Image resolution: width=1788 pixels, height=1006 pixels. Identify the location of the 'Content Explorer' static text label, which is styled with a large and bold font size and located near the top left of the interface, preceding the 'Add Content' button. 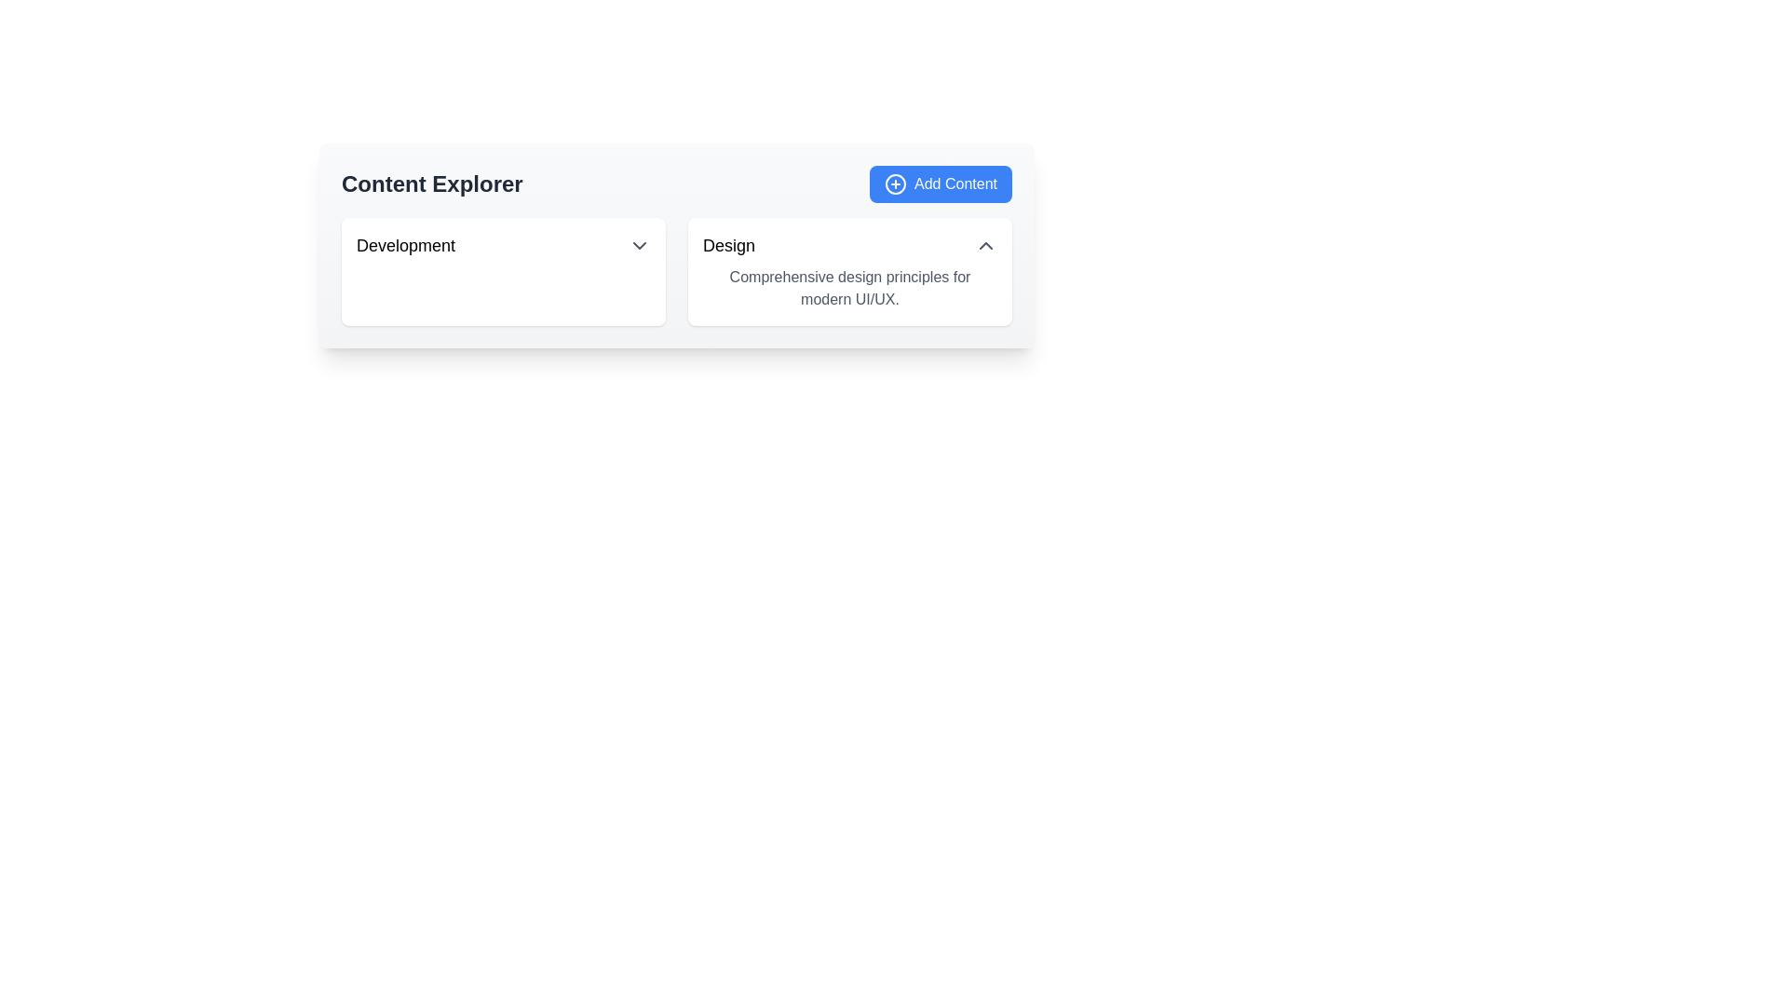
(431, 184).